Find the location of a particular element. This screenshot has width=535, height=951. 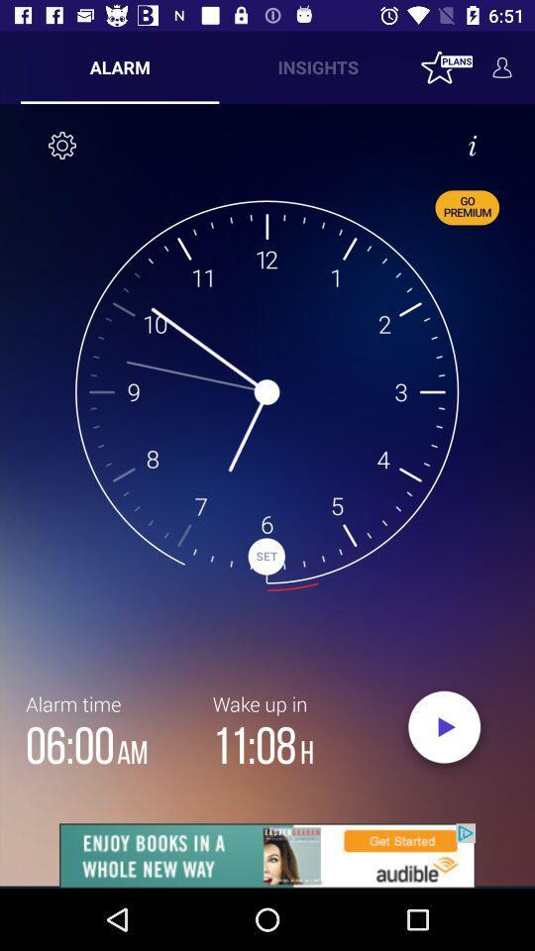

inforamation about time is located at coordinates (471, 144).